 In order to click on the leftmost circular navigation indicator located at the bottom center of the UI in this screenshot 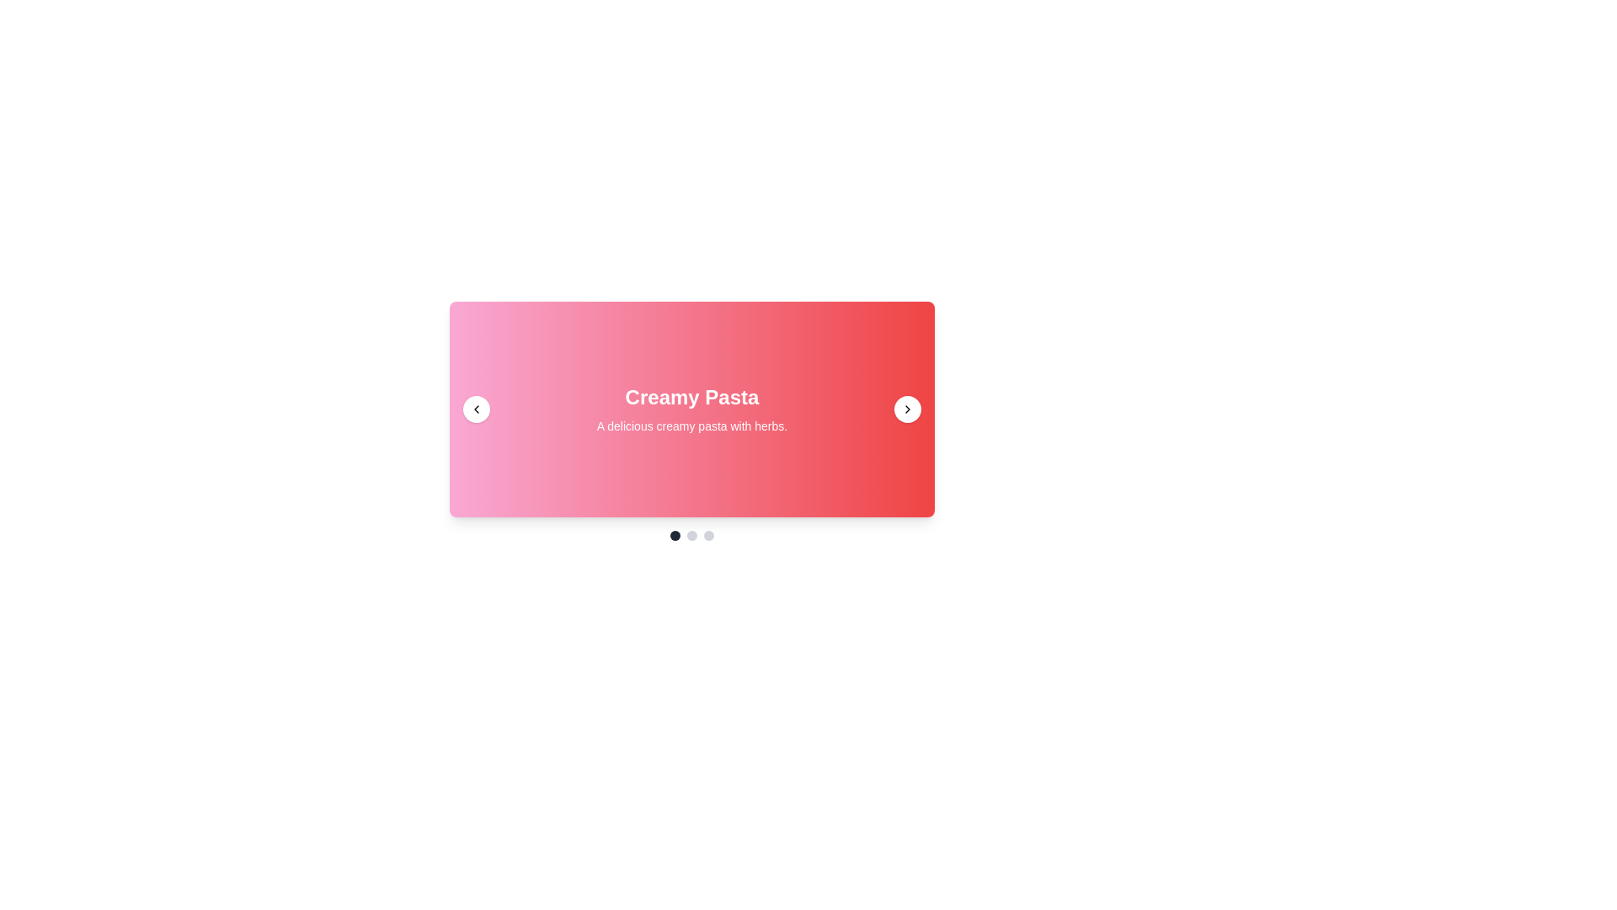, I will do `click(675, 536)`.